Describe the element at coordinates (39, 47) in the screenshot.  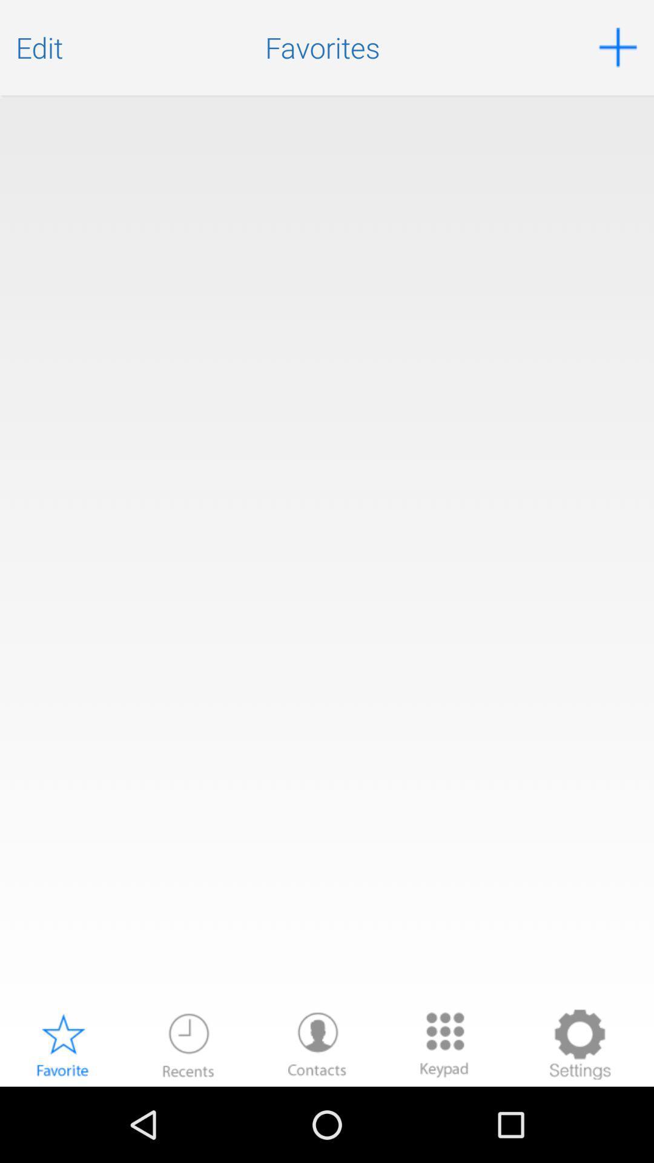
I see `the app at the top left corner` at that location.